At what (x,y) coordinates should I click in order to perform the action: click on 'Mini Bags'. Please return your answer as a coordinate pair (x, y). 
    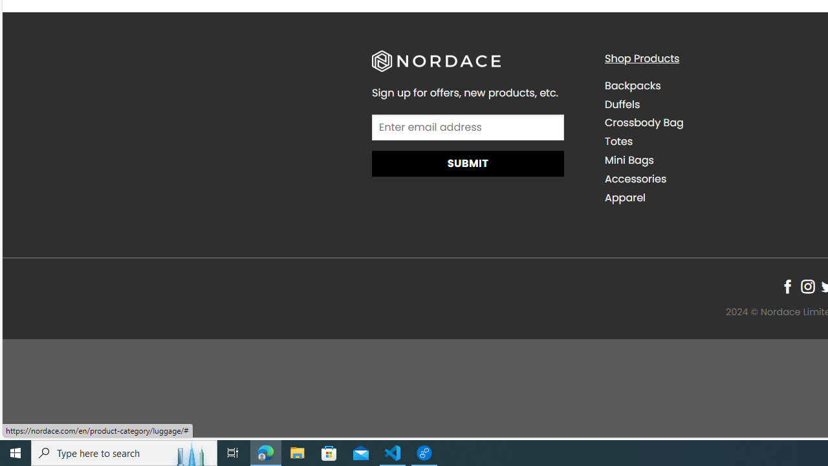
    Looking at the image, I should click on (710, 159).